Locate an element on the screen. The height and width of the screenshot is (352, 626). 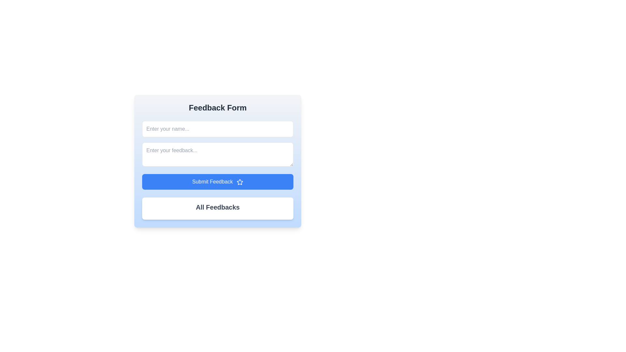
the decorative icon located to the right of the 'Submit Feedback' button, which enhances the button's action-oriented nature is located at coordinates (240, 182).